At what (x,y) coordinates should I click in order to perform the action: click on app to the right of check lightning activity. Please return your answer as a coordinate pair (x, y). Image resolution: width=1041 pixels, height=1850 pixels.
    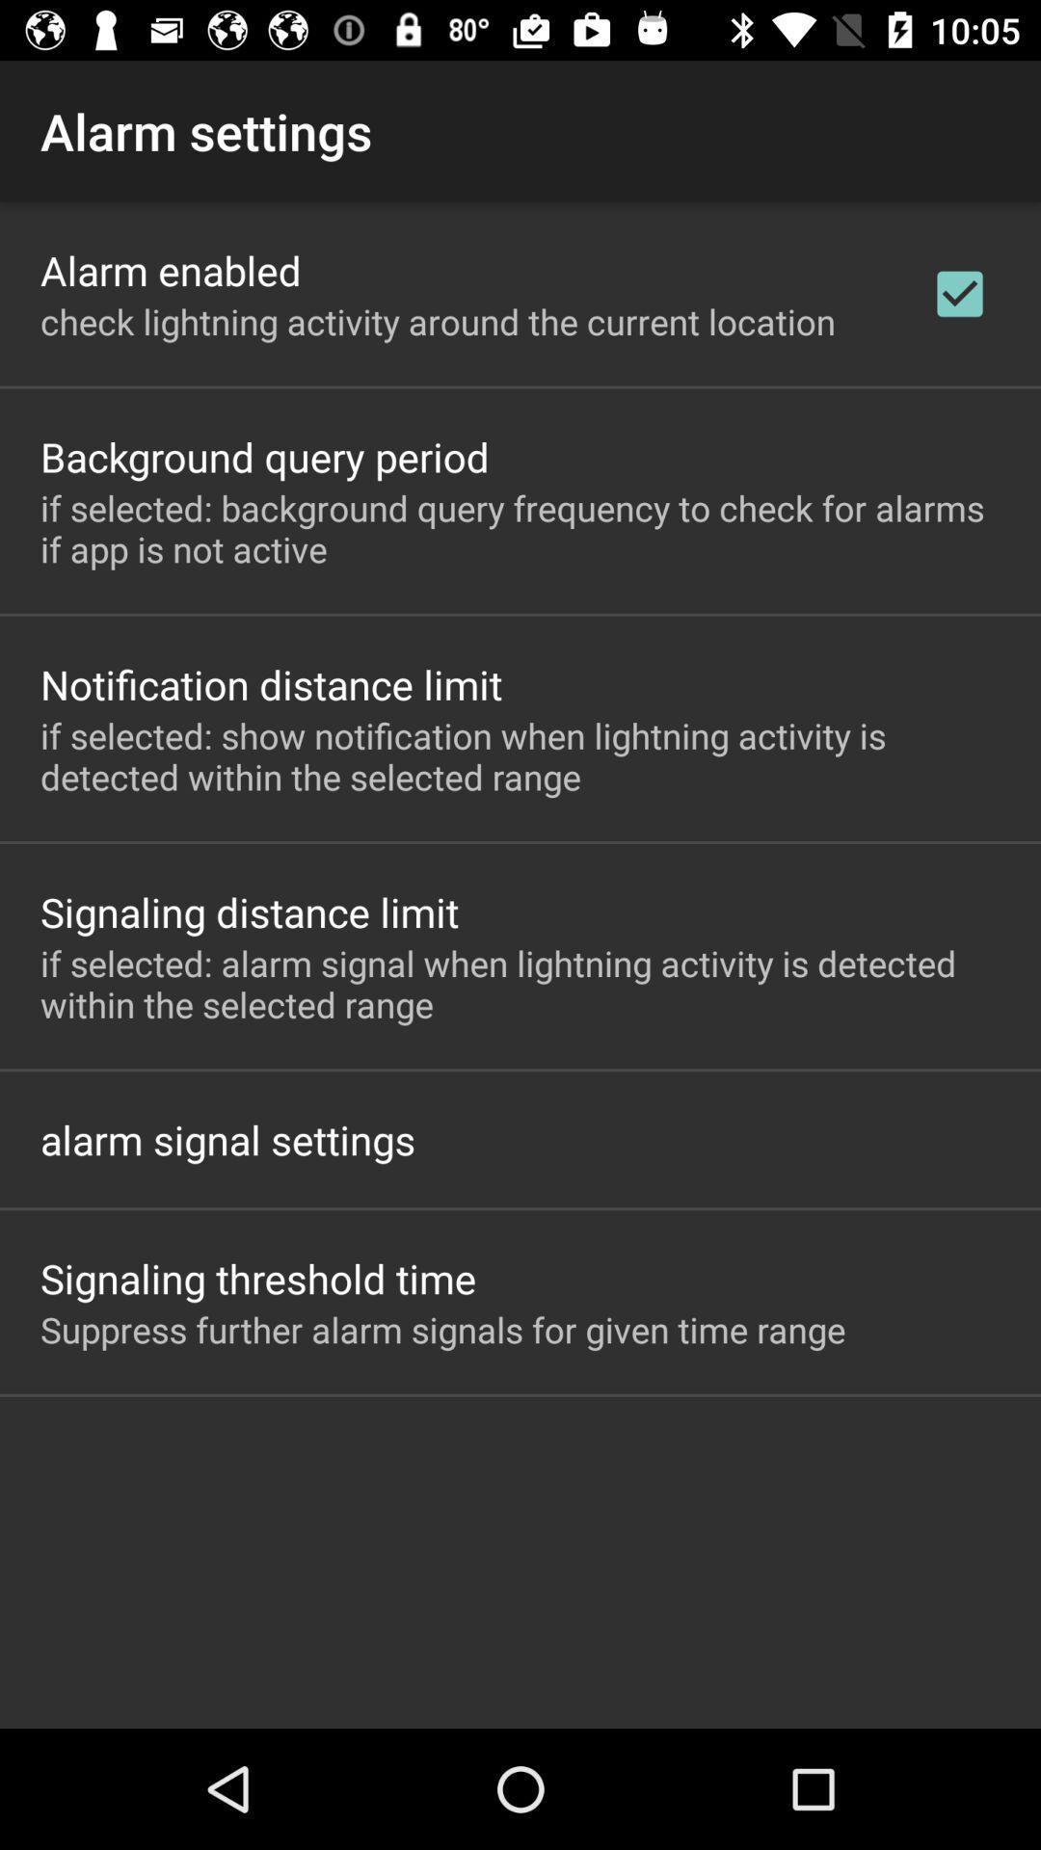
    Looking at the image, I should click on (959, 293).